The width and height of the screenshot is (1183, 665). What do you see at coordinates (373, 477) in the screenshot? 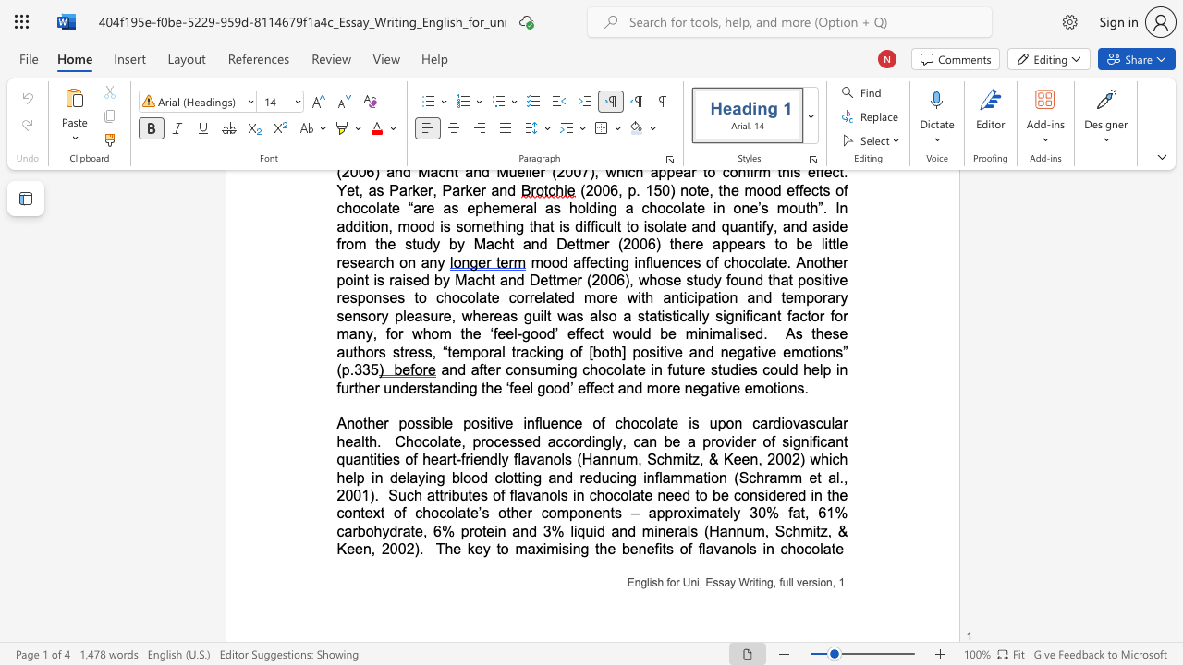
I see `the subset text "n delaying blood clotting and" within the text "Chocolate, processed accordingly, can be a provider of significant quantities of heart-friendly flavanols (Hannum, Schmitz, & Keen, 2002) which help in delaying blood clotting and reducing inflammation (Schramm et al., 2001)"` at bounding box center [373, 477].